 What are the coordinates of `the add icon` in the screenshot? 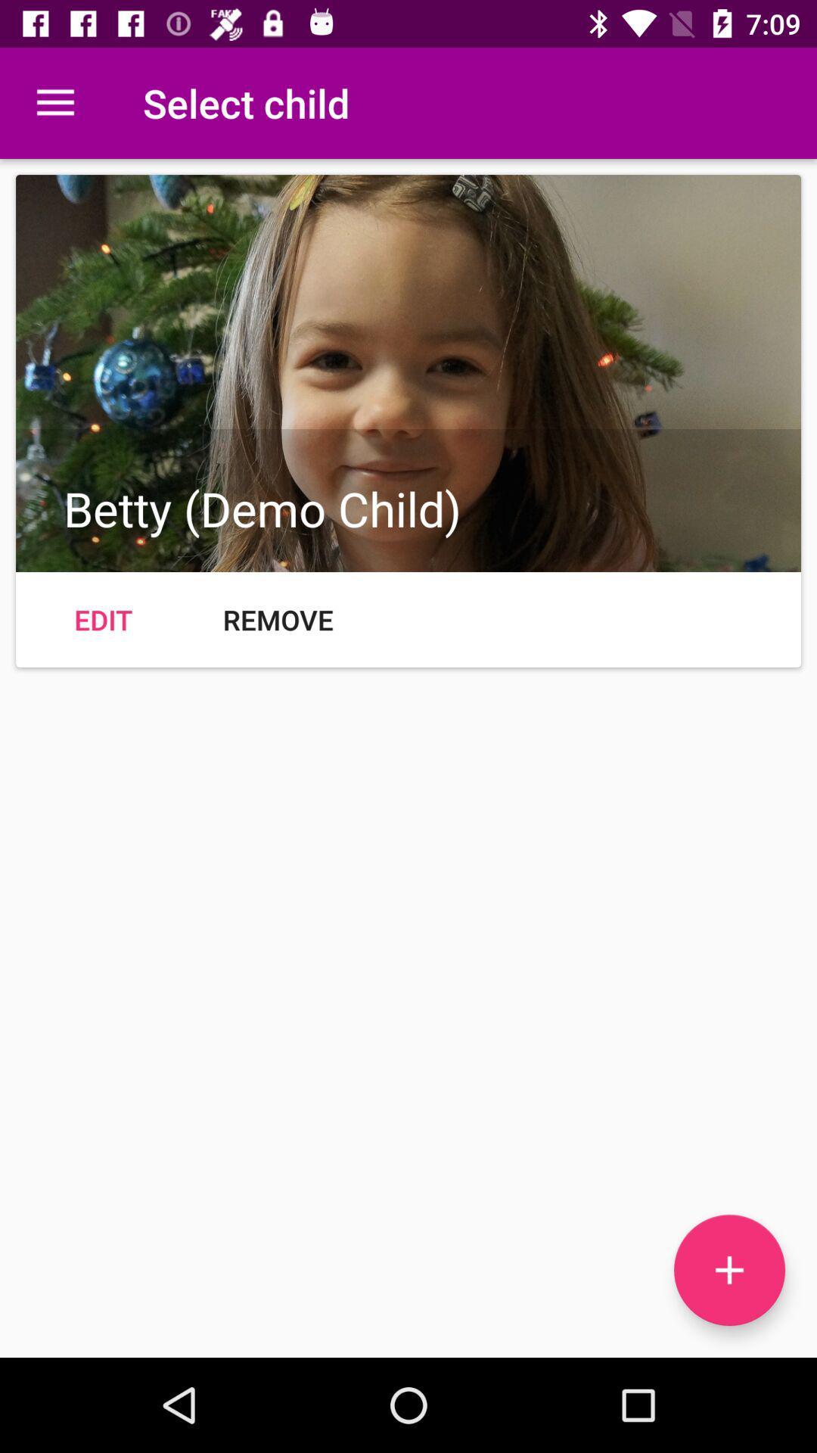 It's located at (728, 1270).